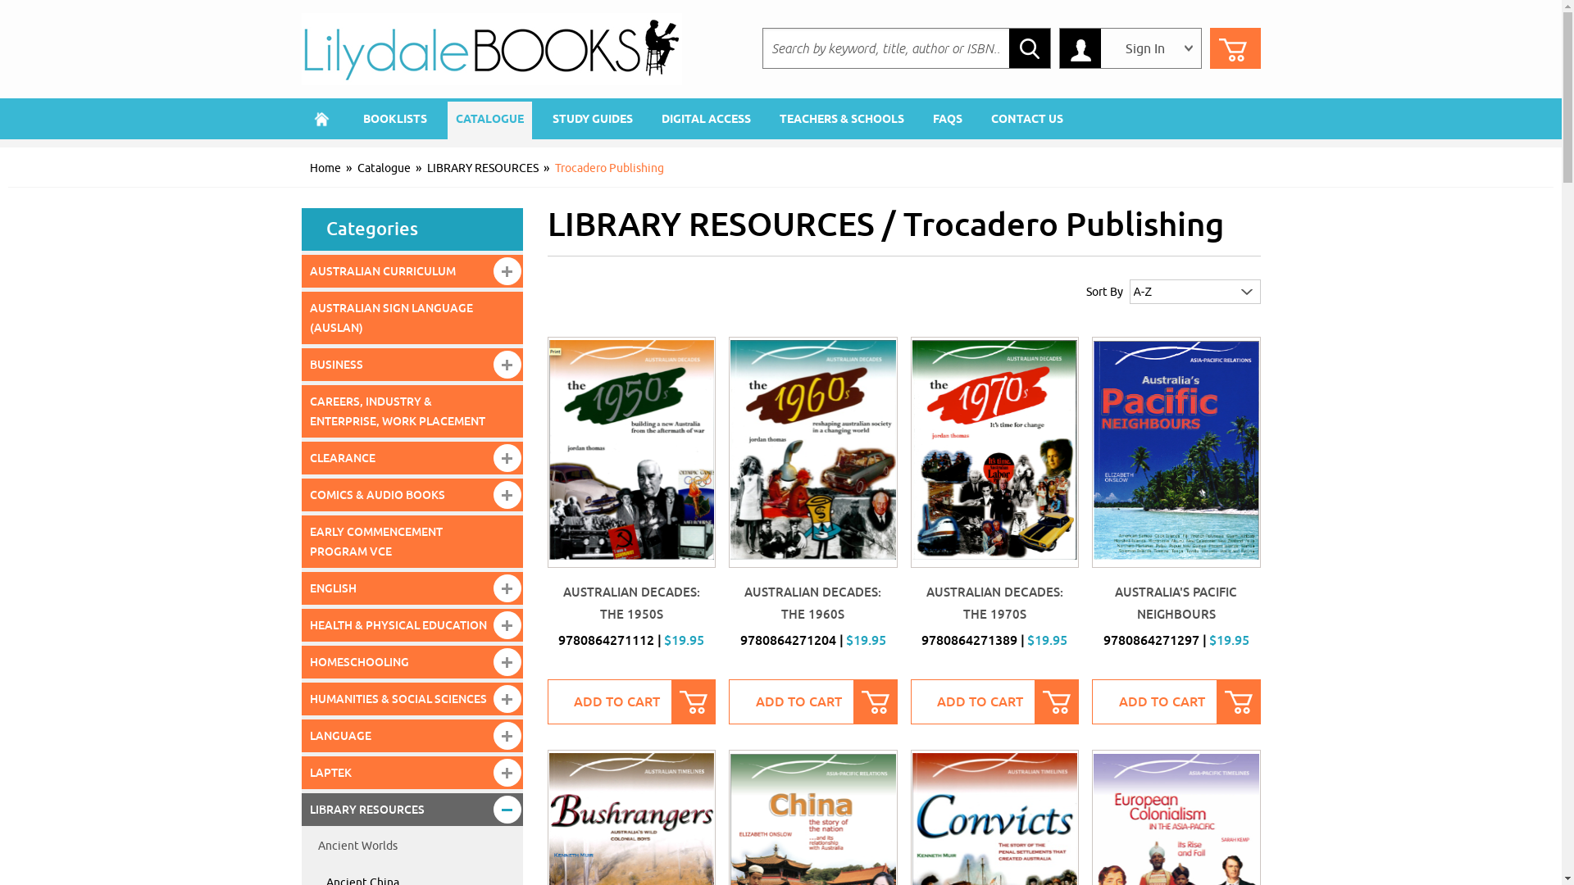  Describe the element at coordinates (705, 118) in the screenshot. I see `'DIGITAL ACCESS'` at that location.